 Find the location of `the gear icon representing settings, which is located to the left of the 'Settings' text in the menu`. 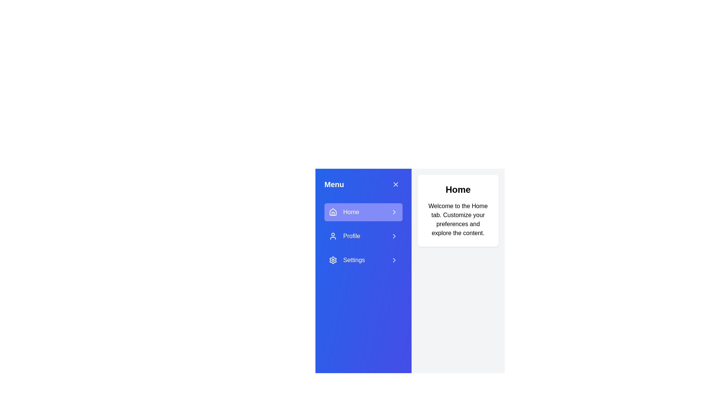

the gear icon representing settings, which is located to the left of the 'Settings' text in the menu is located at coordinates (333, 260).